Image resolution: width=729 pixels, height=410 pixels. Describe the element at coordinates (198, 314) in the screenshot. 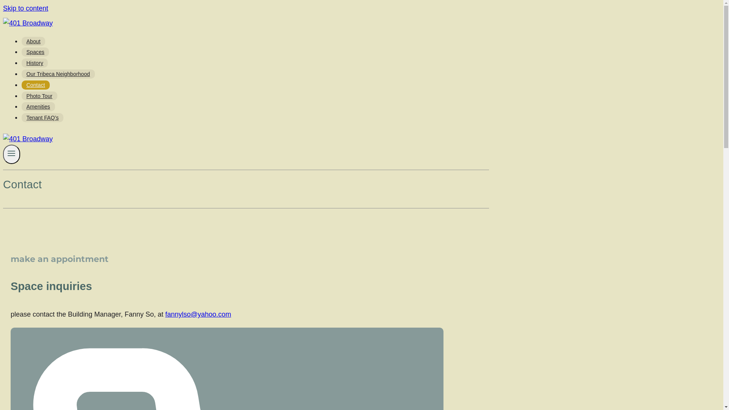

I see `'fannylso@yahoo.com'` at that location.